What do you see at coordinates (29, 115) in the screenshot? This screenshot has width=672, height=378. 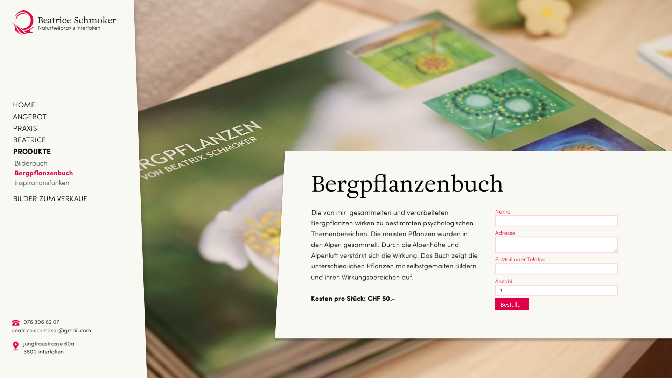 I see `'ANGEBOT'` at bounding box center [29, 115].